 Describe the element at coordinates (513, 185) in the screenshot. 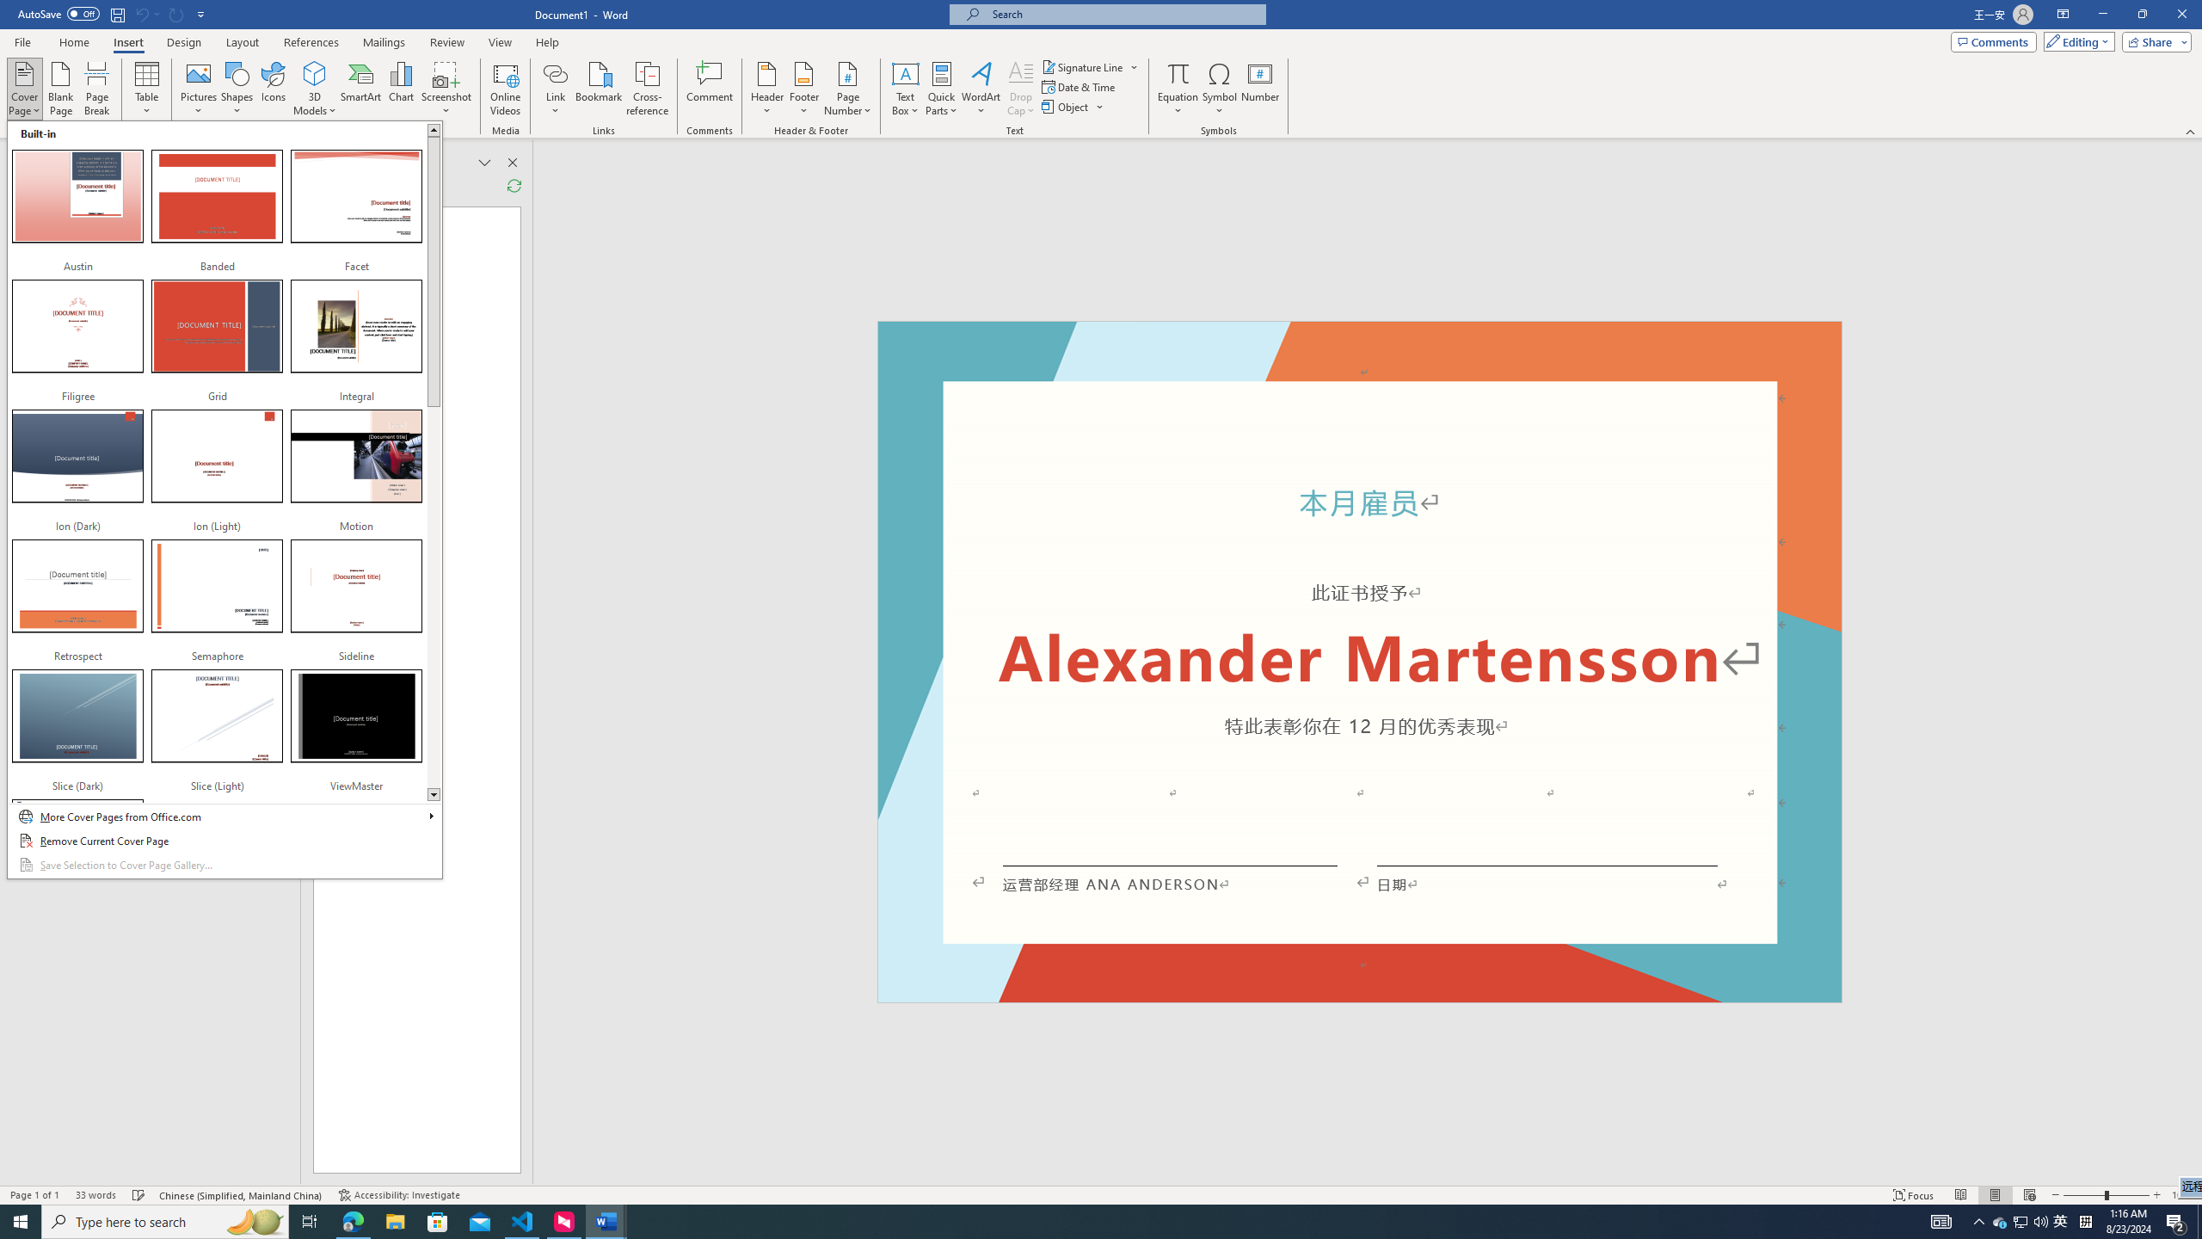

I see `'Refresh Reviewing Pane'` at that location.